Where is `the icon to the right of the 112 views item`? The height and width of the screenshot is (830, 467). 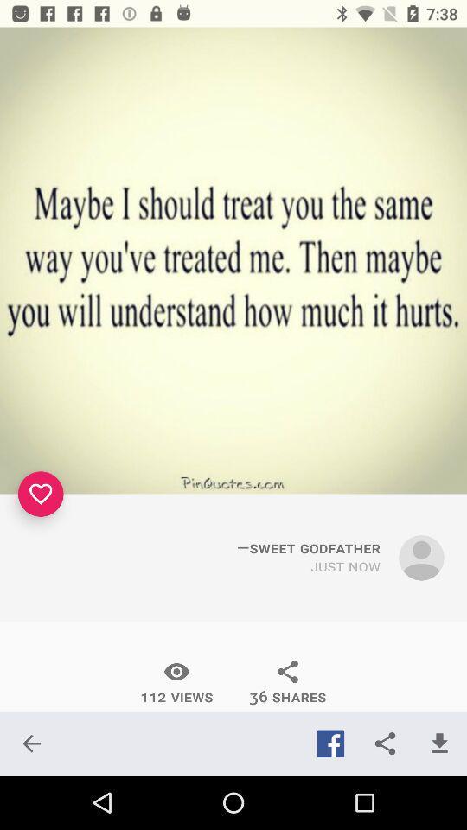 the icon to the right of the 112 views item is located at coordinates (288, 682).